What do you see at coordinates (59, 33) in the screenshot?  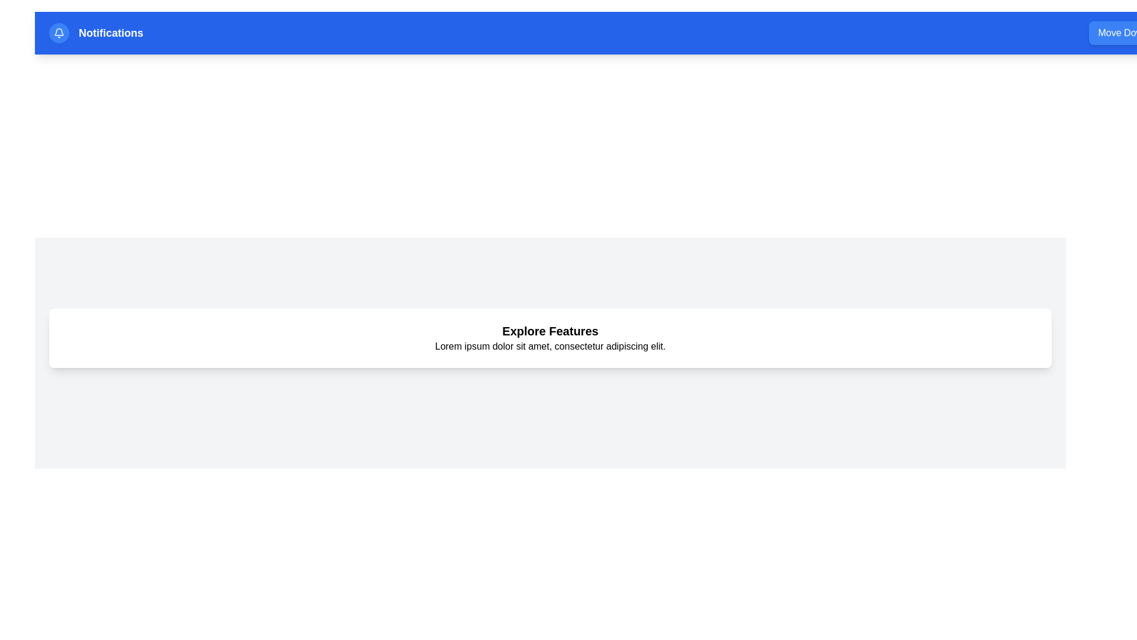 I see `the round blue button with a white bell icon at its center` at bounding box center [59, 33].